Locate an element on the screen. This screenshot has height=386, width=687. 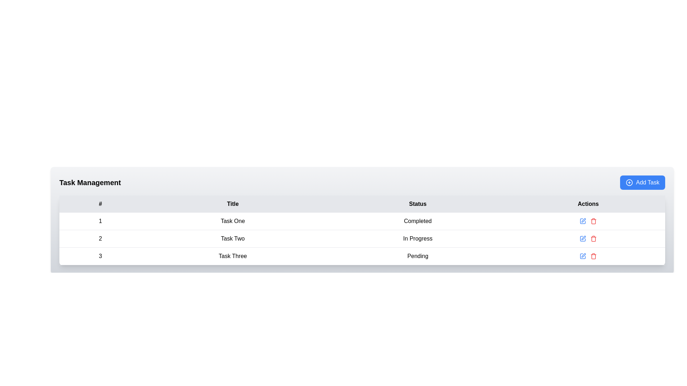
the static text element displaying 'Task Three', which is centered in the third row under the 'Title' column of the table is located at coordinates (233, 256).